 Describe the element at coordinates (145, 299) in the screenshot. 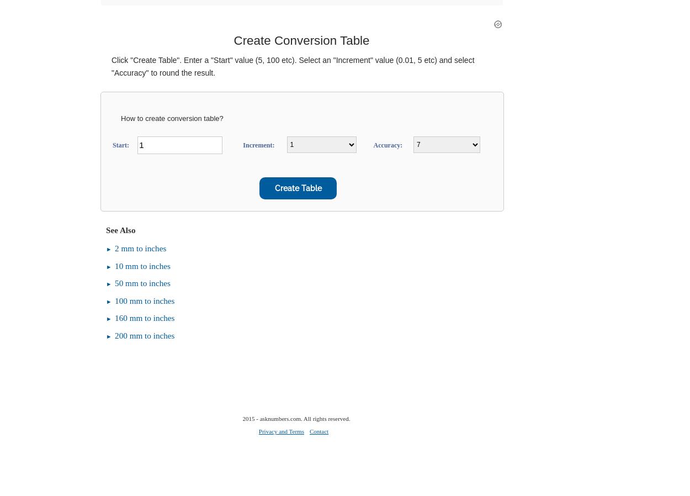

I see `'100 mm to inches'` at that location.